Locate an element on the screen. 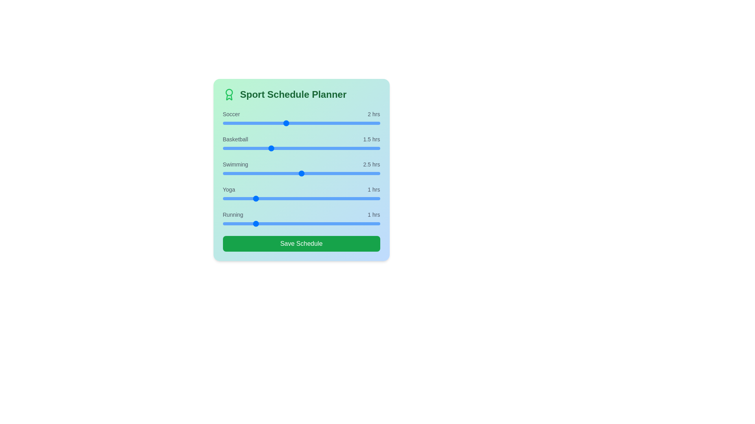 Image resolution: width=755 pixels, height=424 pixels. the Yoga slider to set its time to 0 hours is located at coordinates (222, 198).